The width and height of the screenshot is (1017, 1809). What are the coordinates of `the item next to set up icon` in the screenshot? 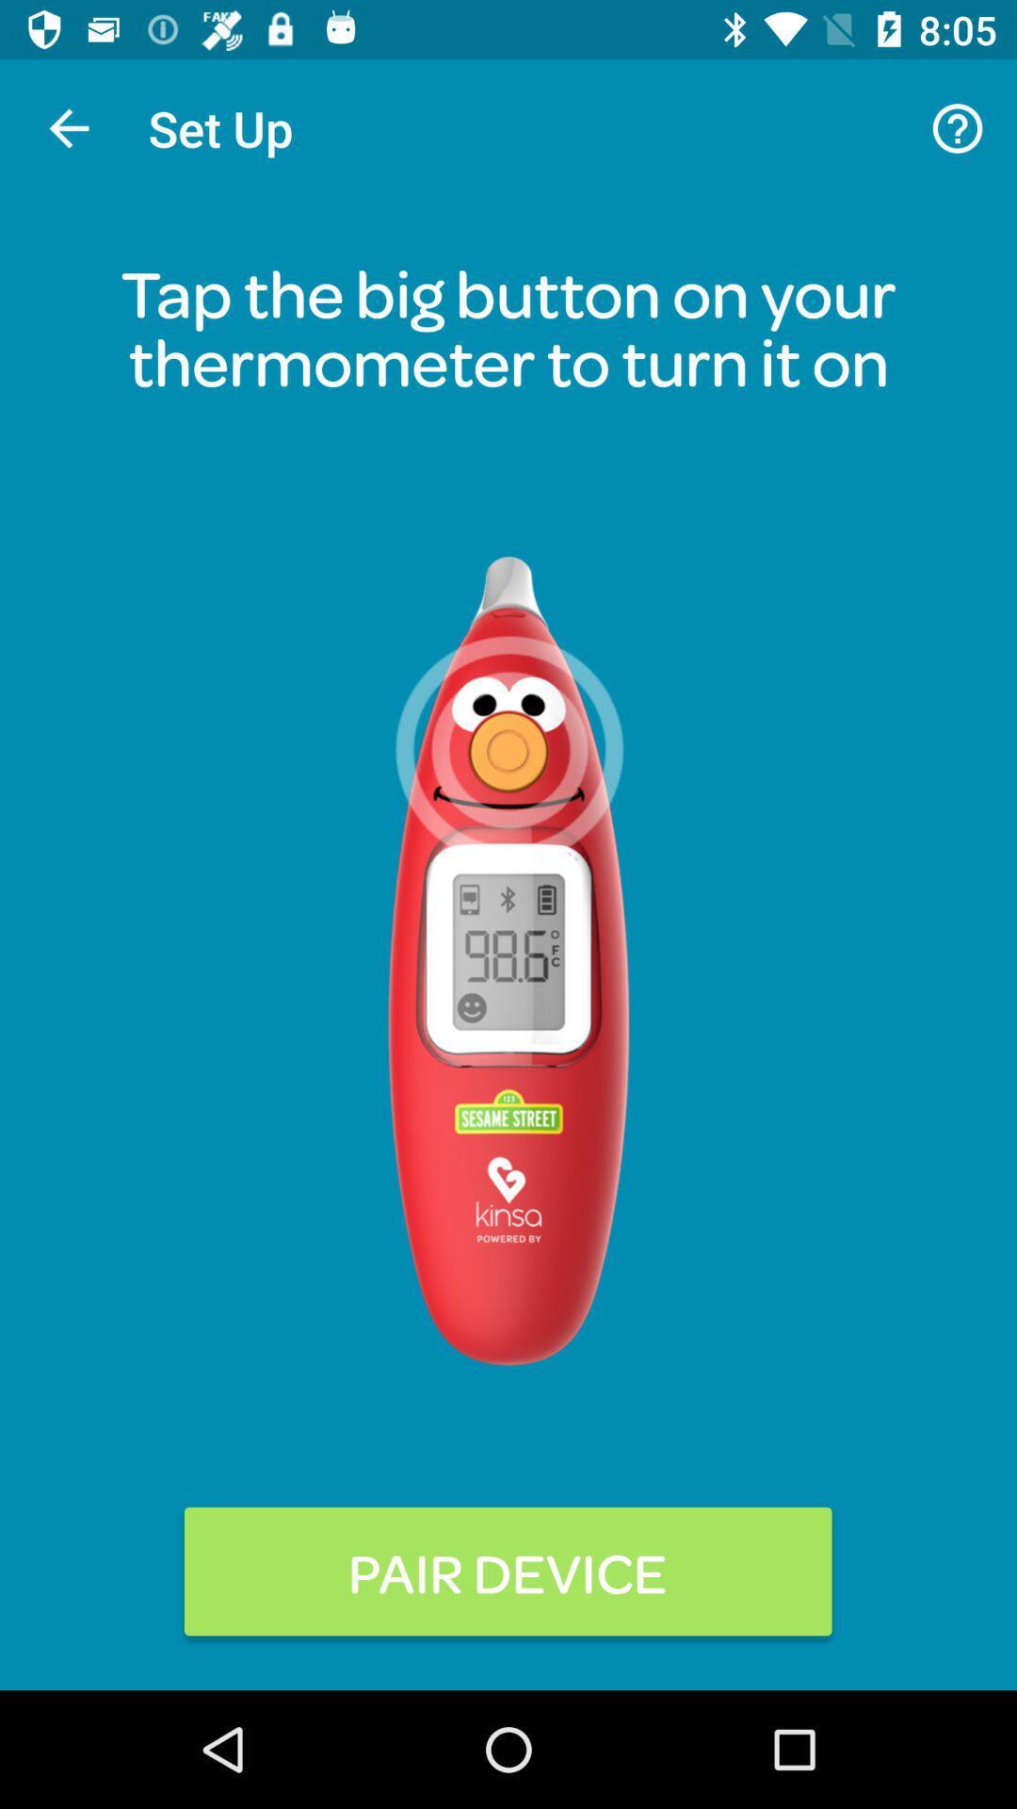 It's located at (68, 127).